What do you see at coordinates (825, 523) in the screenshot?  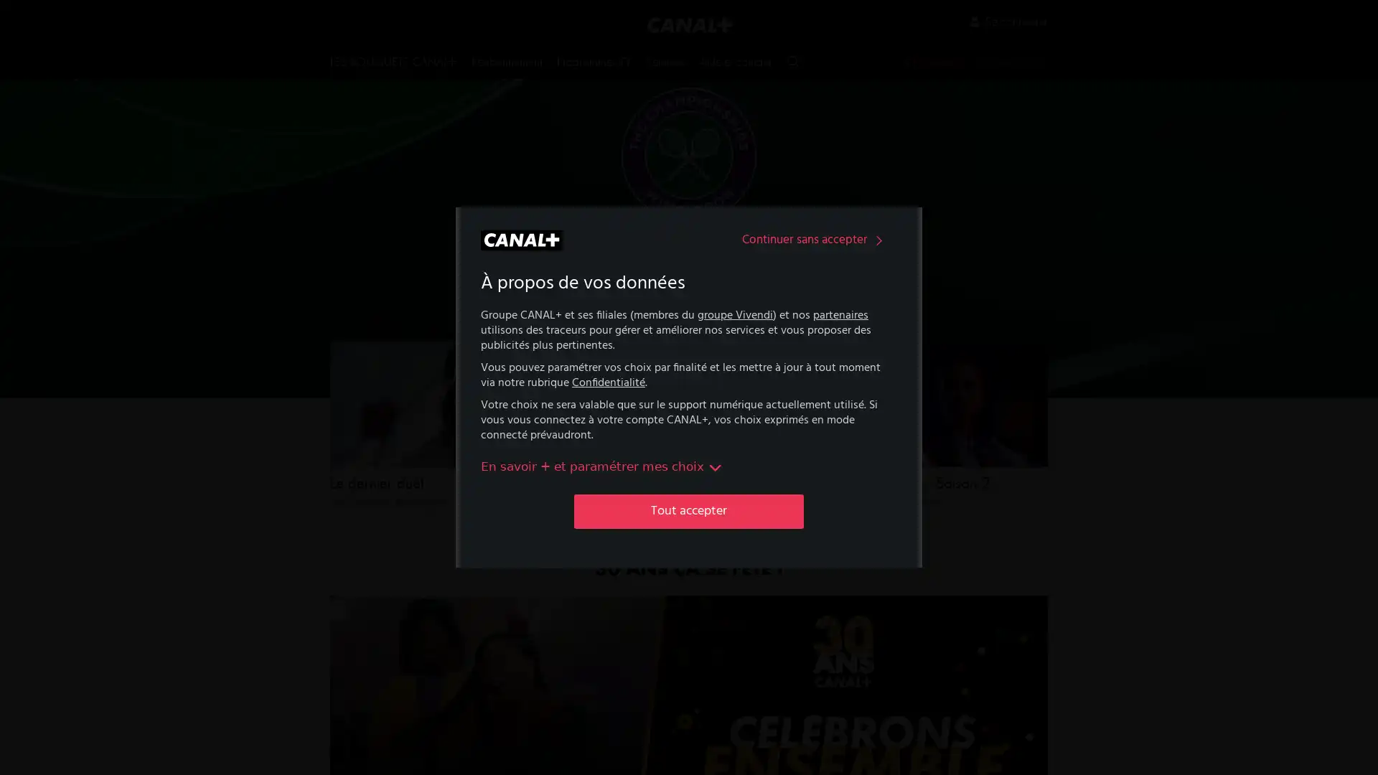 I see `Togo` at bounding box center [825, 523].